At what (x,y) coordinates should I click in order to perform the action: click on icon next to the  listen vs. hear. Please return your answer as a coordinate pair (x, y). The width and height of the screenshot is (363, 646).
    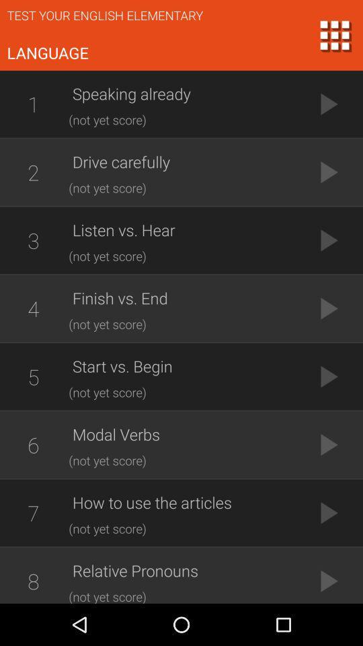
    Looking at the image, I should click on (33, 240).